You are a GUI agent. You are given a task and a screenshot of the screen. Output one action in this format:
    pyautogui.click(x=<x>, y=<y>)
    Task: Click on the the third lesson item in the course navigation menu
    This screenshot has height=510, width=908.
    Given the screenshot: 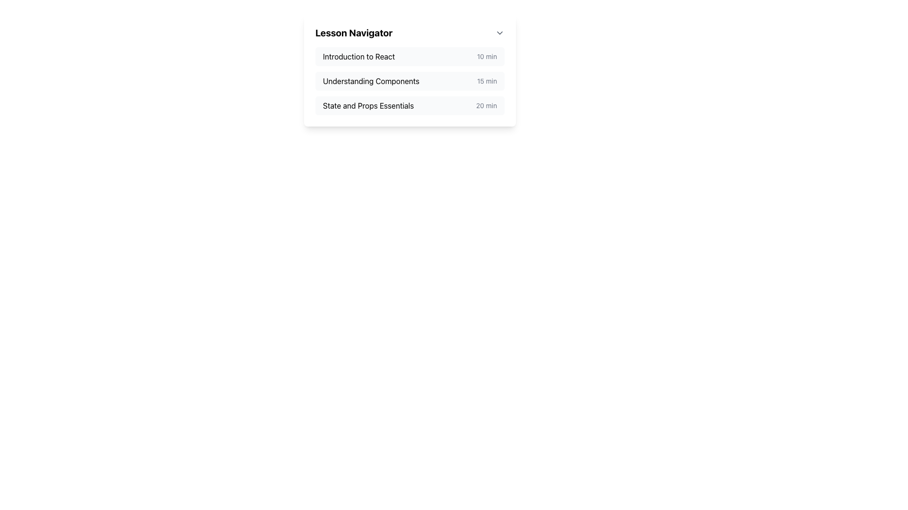 What is the action you would take?
    pyautogui.click(x=410, y=105)
    